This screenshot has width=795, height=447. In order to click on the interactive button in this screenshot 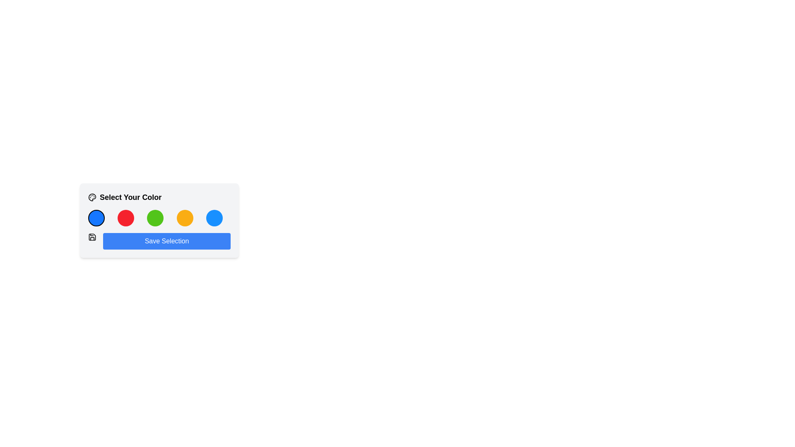, I will do `click(96, 218)`.